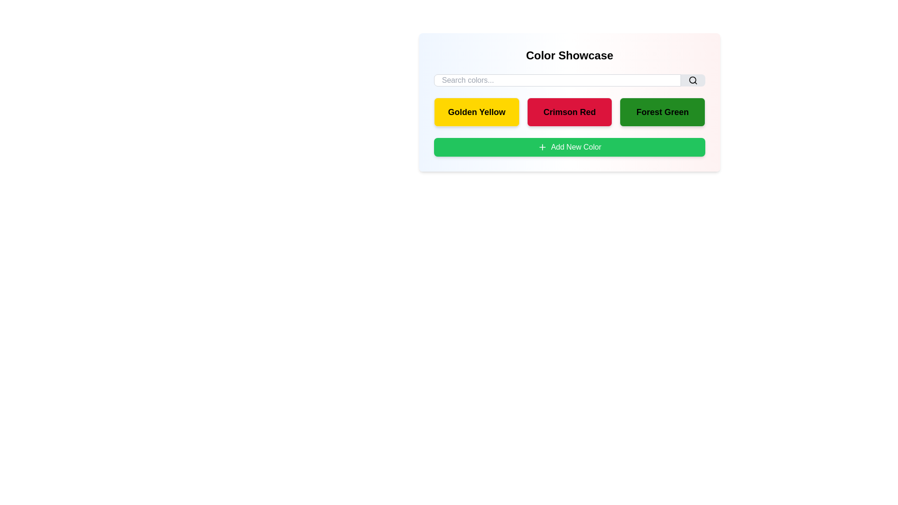 The height and width of the screenshot is (505, 898). Describe the element at coordinates (662, 111) in the screenshot. I see `text displayed in the 'Forest Green' label, which is bold and centrally aligned, located on the green button in the row of color options` at that location.